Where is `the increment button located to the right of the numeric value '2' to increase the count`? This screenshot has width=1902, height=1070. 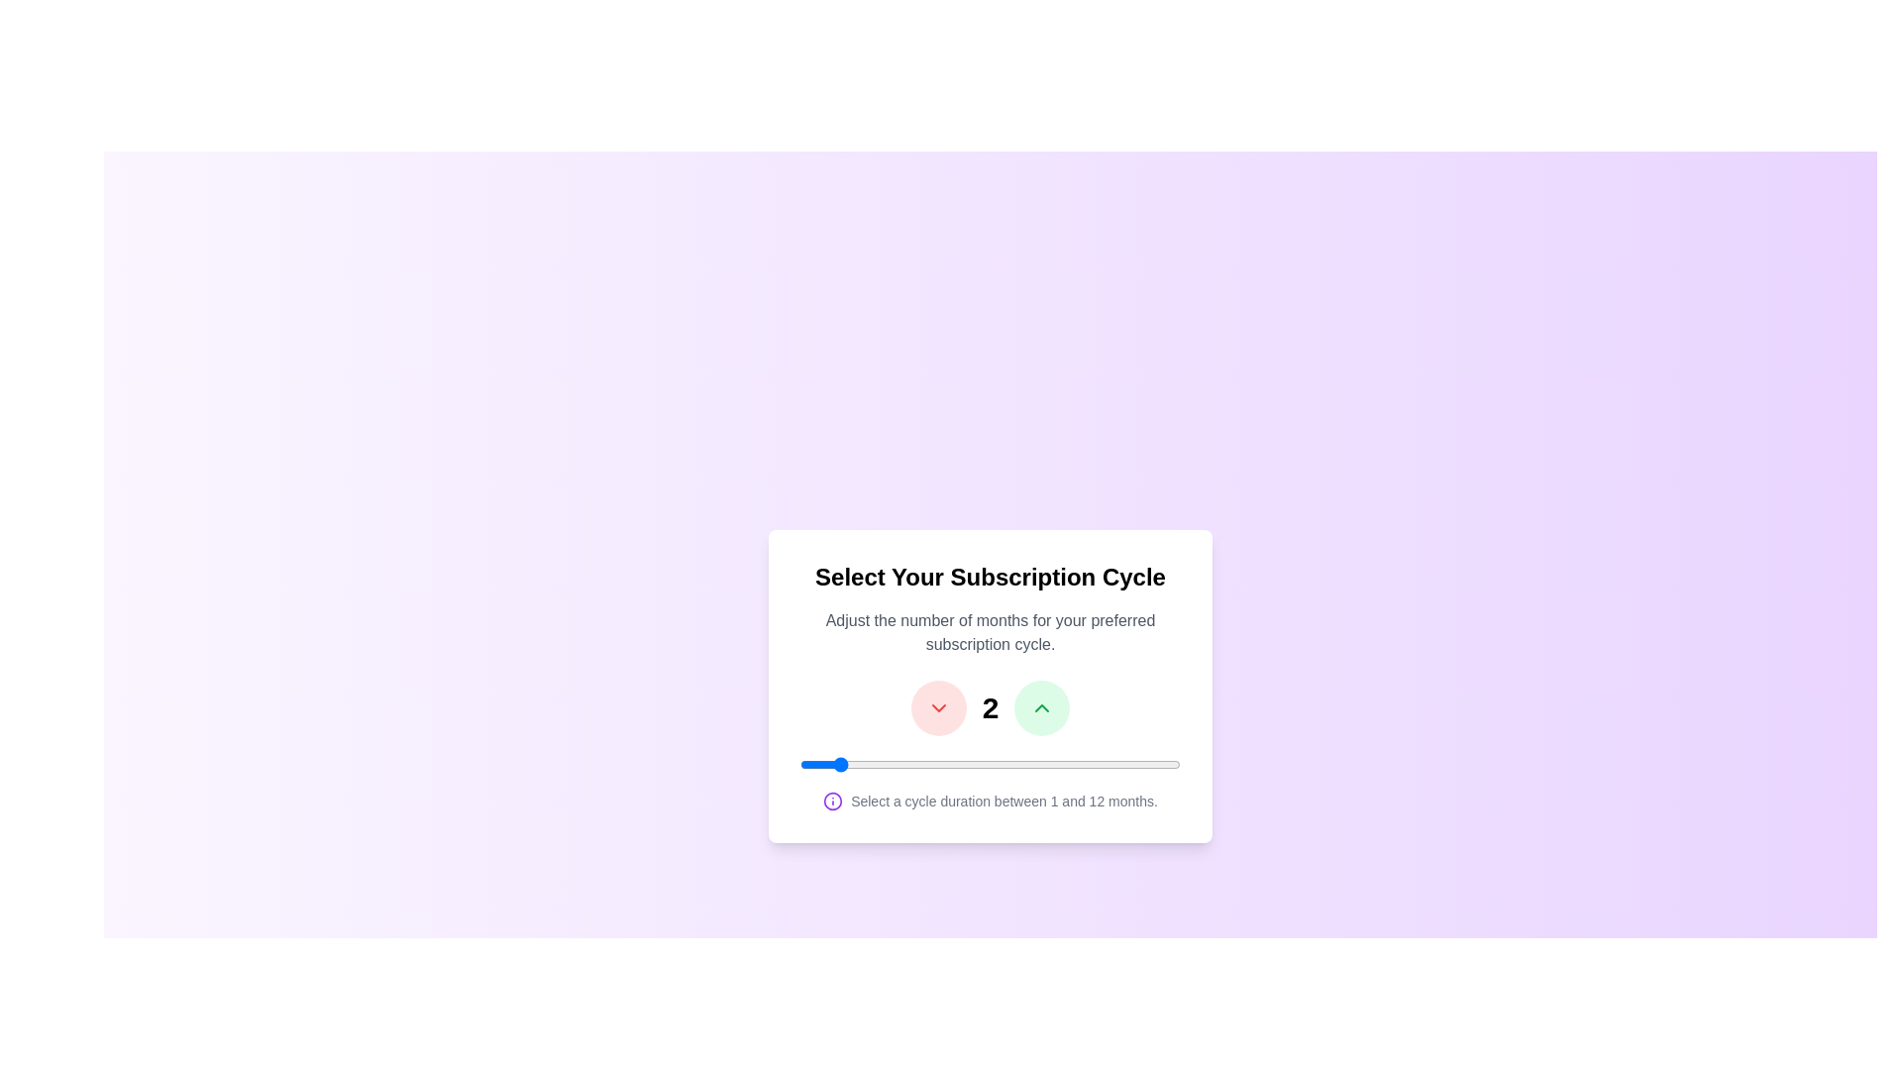
the increment button located to the right of the numeric value '2' to increase the count is located at coordinates (1041, 706).